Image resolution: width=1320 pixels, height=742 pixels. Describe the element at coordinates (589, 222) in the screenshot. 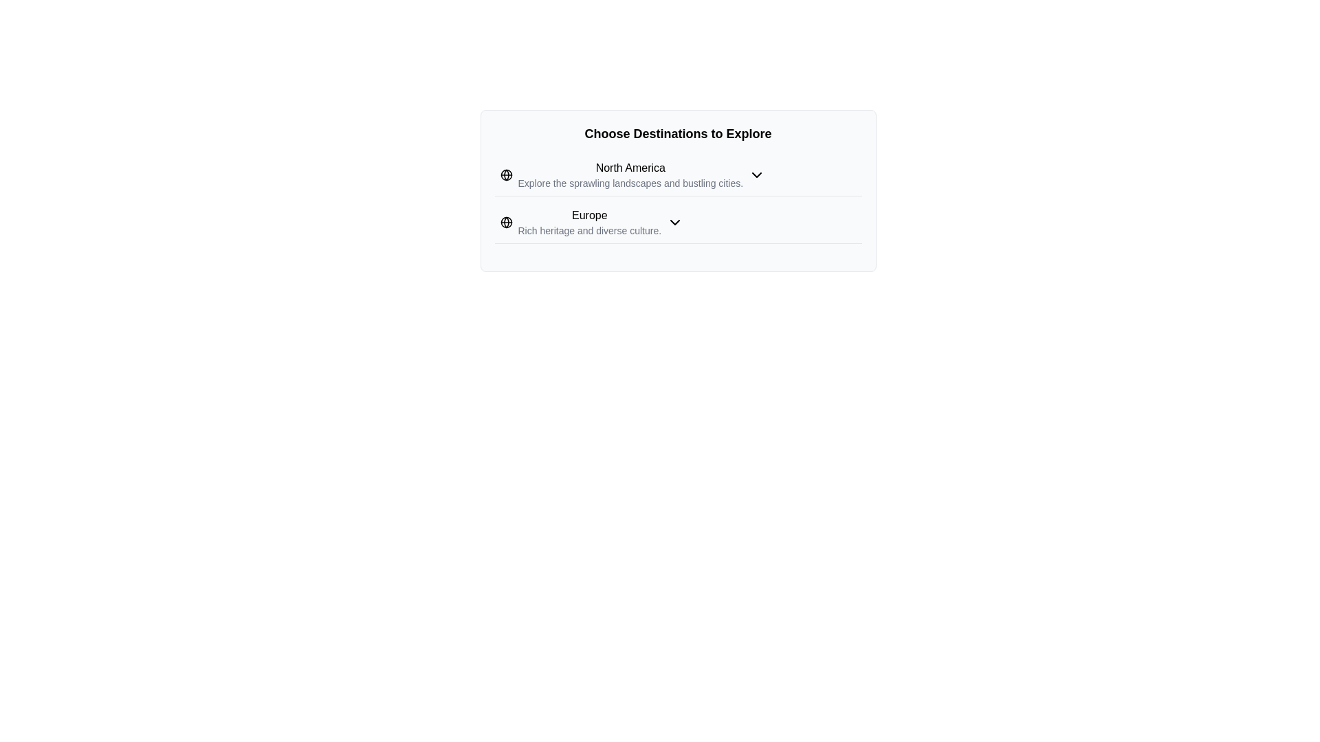

I see `the details of the 'Europe' destination text display block, which provides information about its qualities and attractions, located under the 'North America' entry` at that location.